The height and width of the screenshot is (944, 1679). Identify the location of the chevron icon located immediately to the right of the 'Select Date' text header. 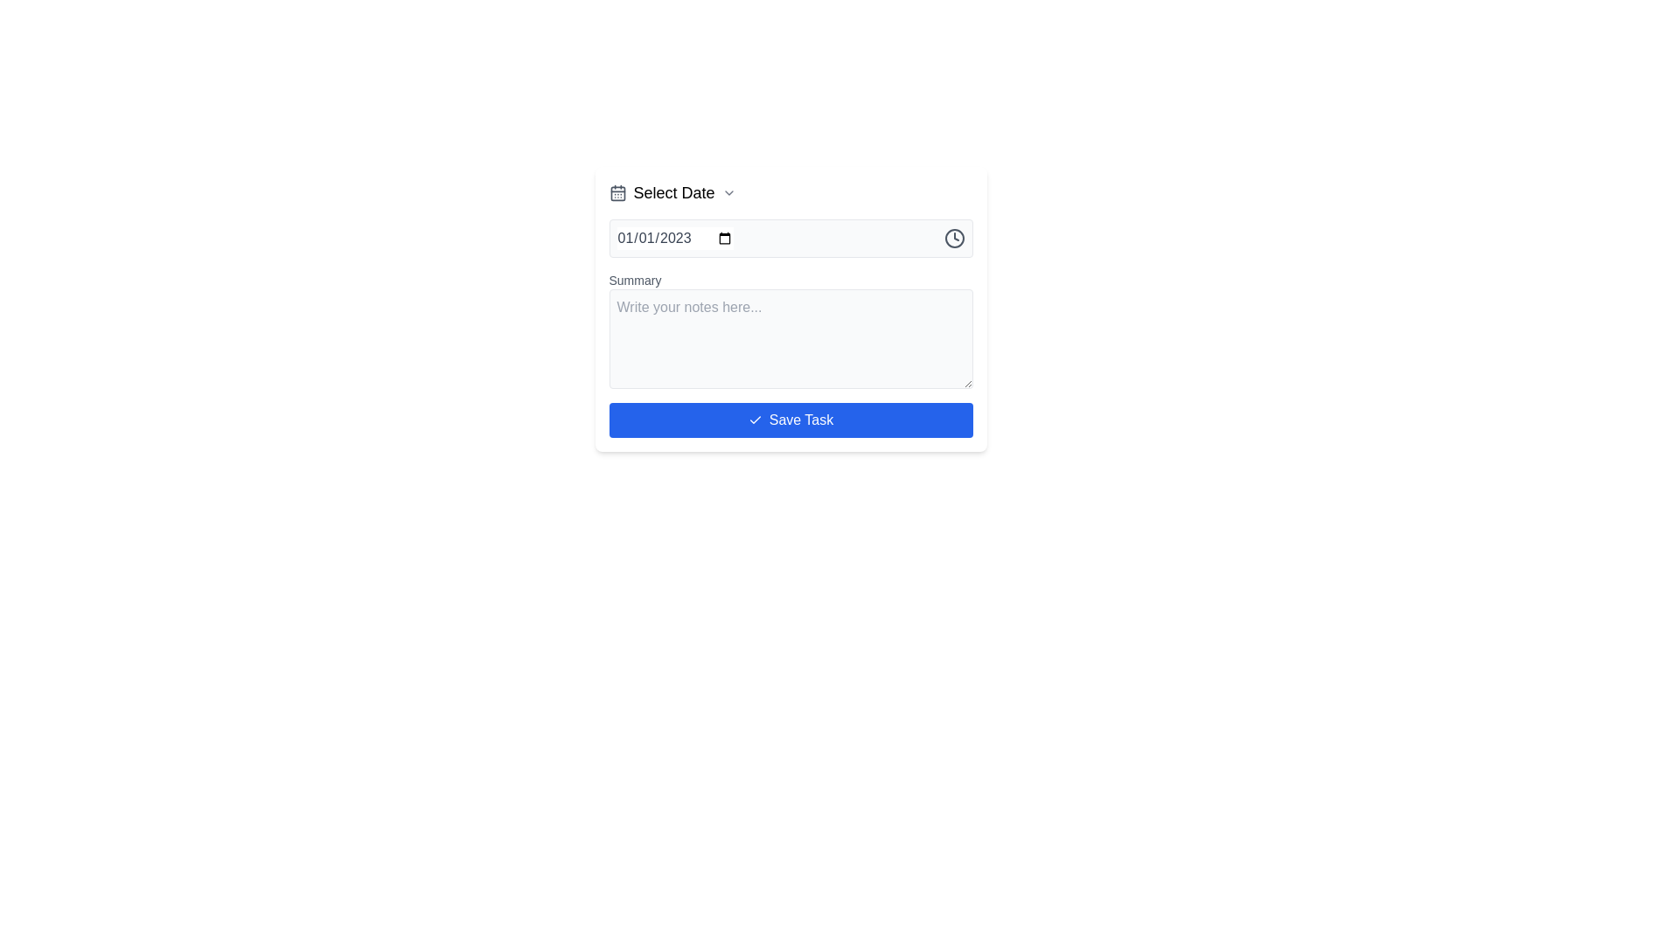
(728, 192).